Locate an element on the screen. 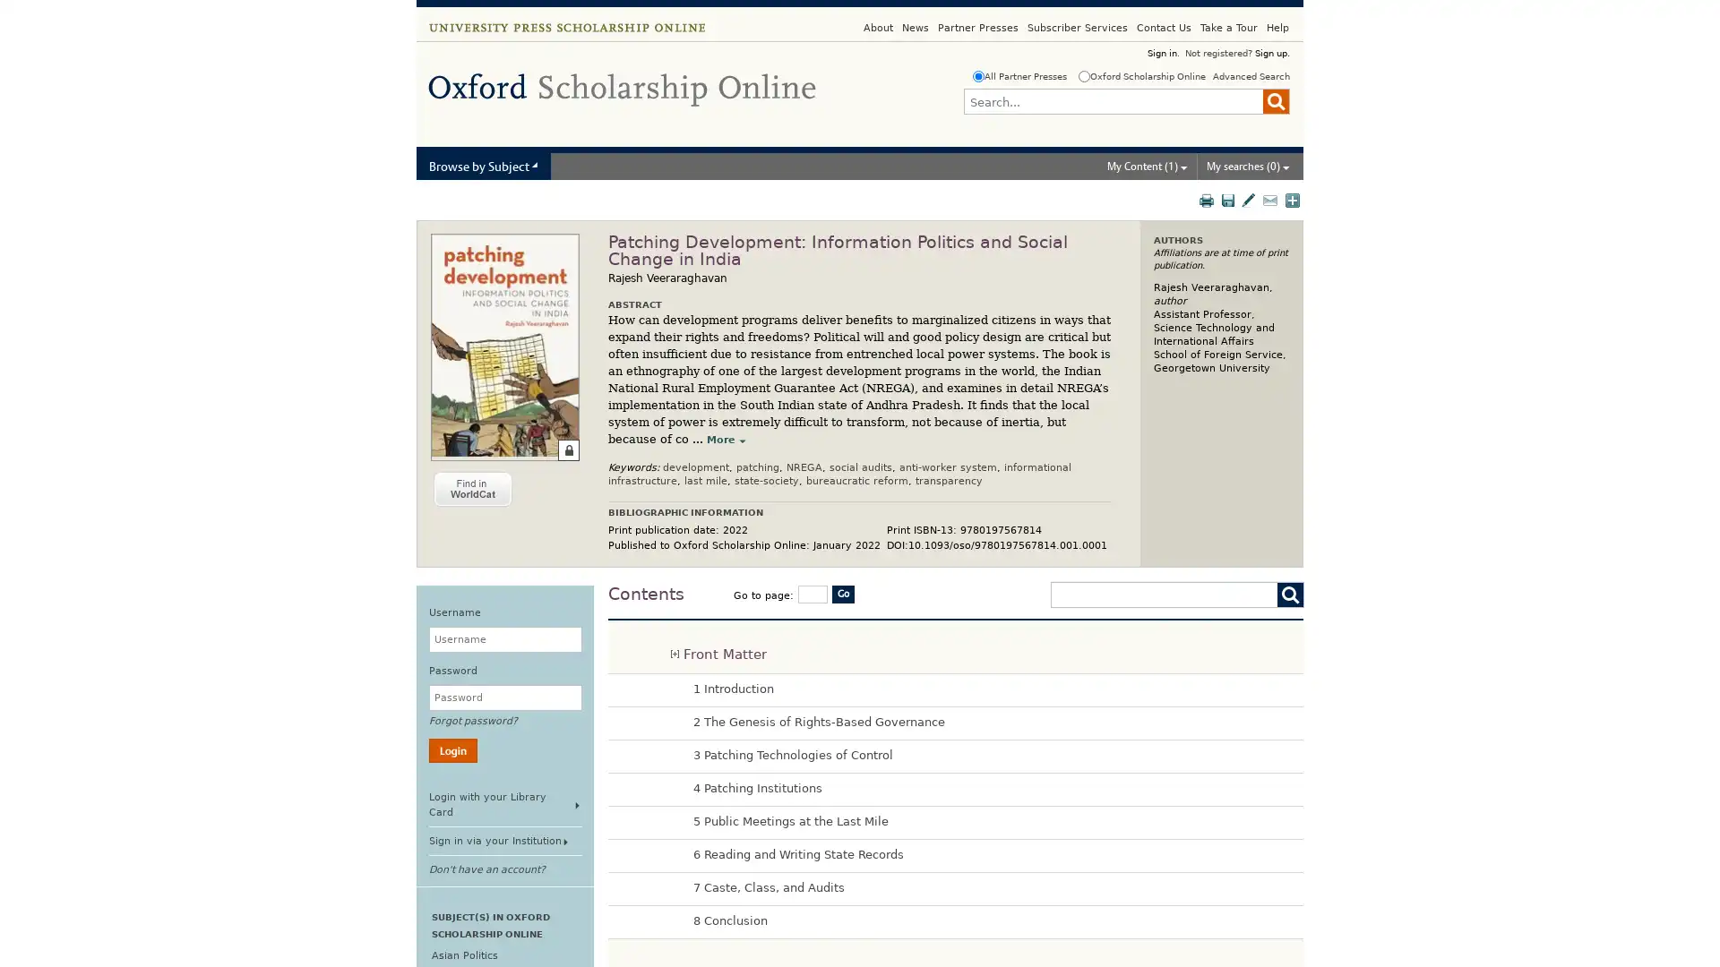 The width and height of the screenshot is (1720, 967). Search is located at coordinates (1276, 101).